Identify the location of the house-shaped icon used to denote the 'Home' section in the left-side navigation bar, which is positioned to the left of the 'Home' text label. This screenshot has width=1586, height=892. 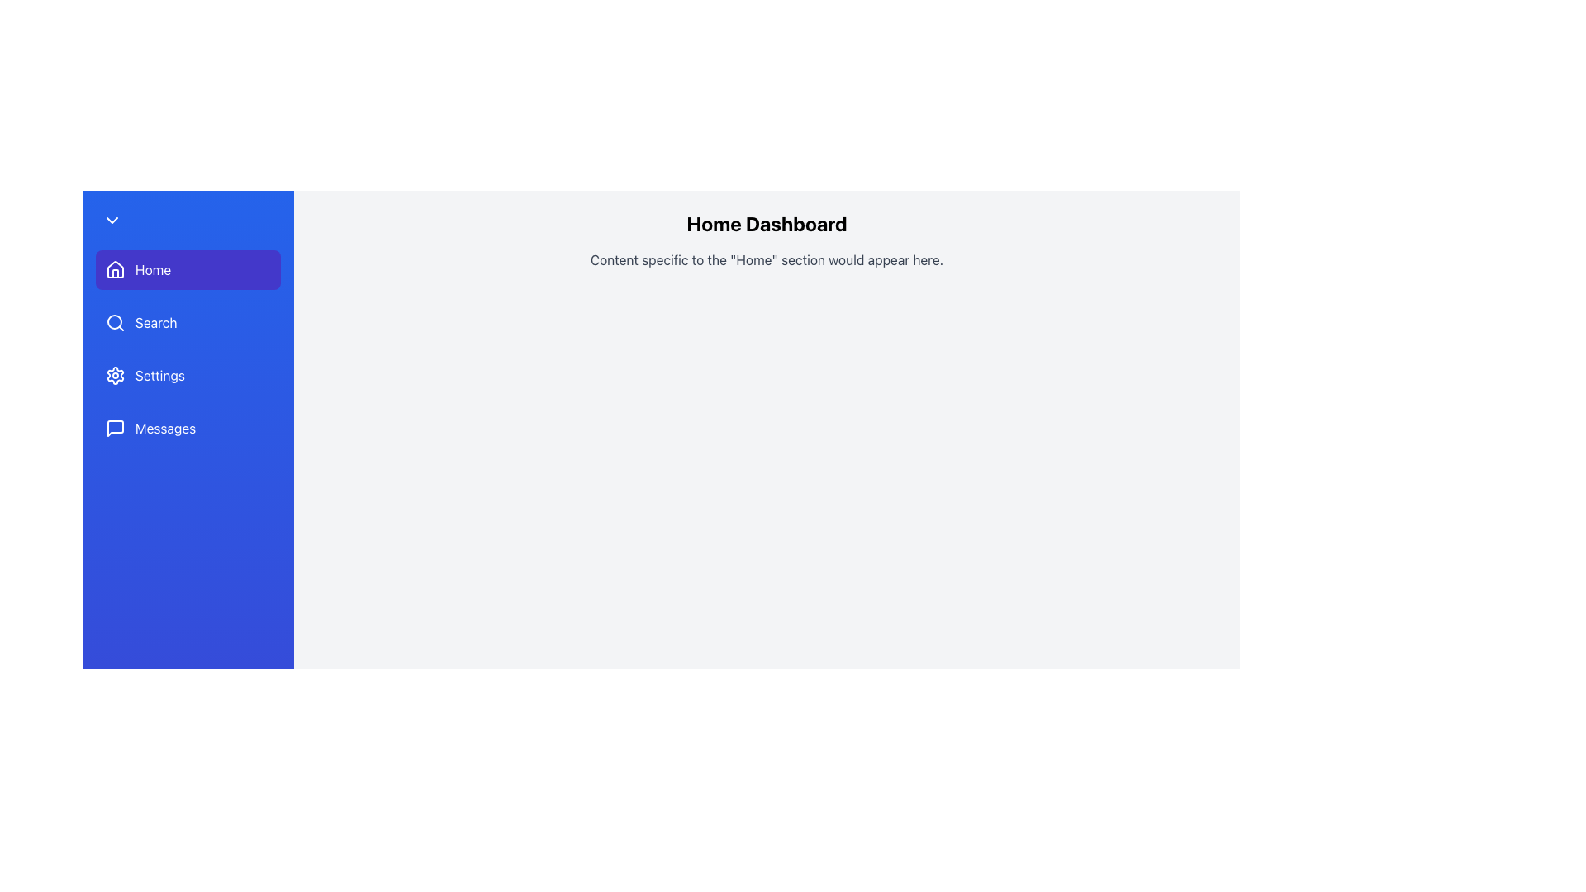
(114, 268).